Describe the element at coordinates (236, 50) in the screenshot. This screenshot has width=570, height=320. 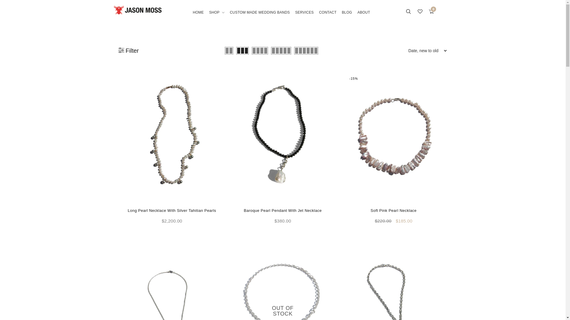
I see `'3 col'` at that location.